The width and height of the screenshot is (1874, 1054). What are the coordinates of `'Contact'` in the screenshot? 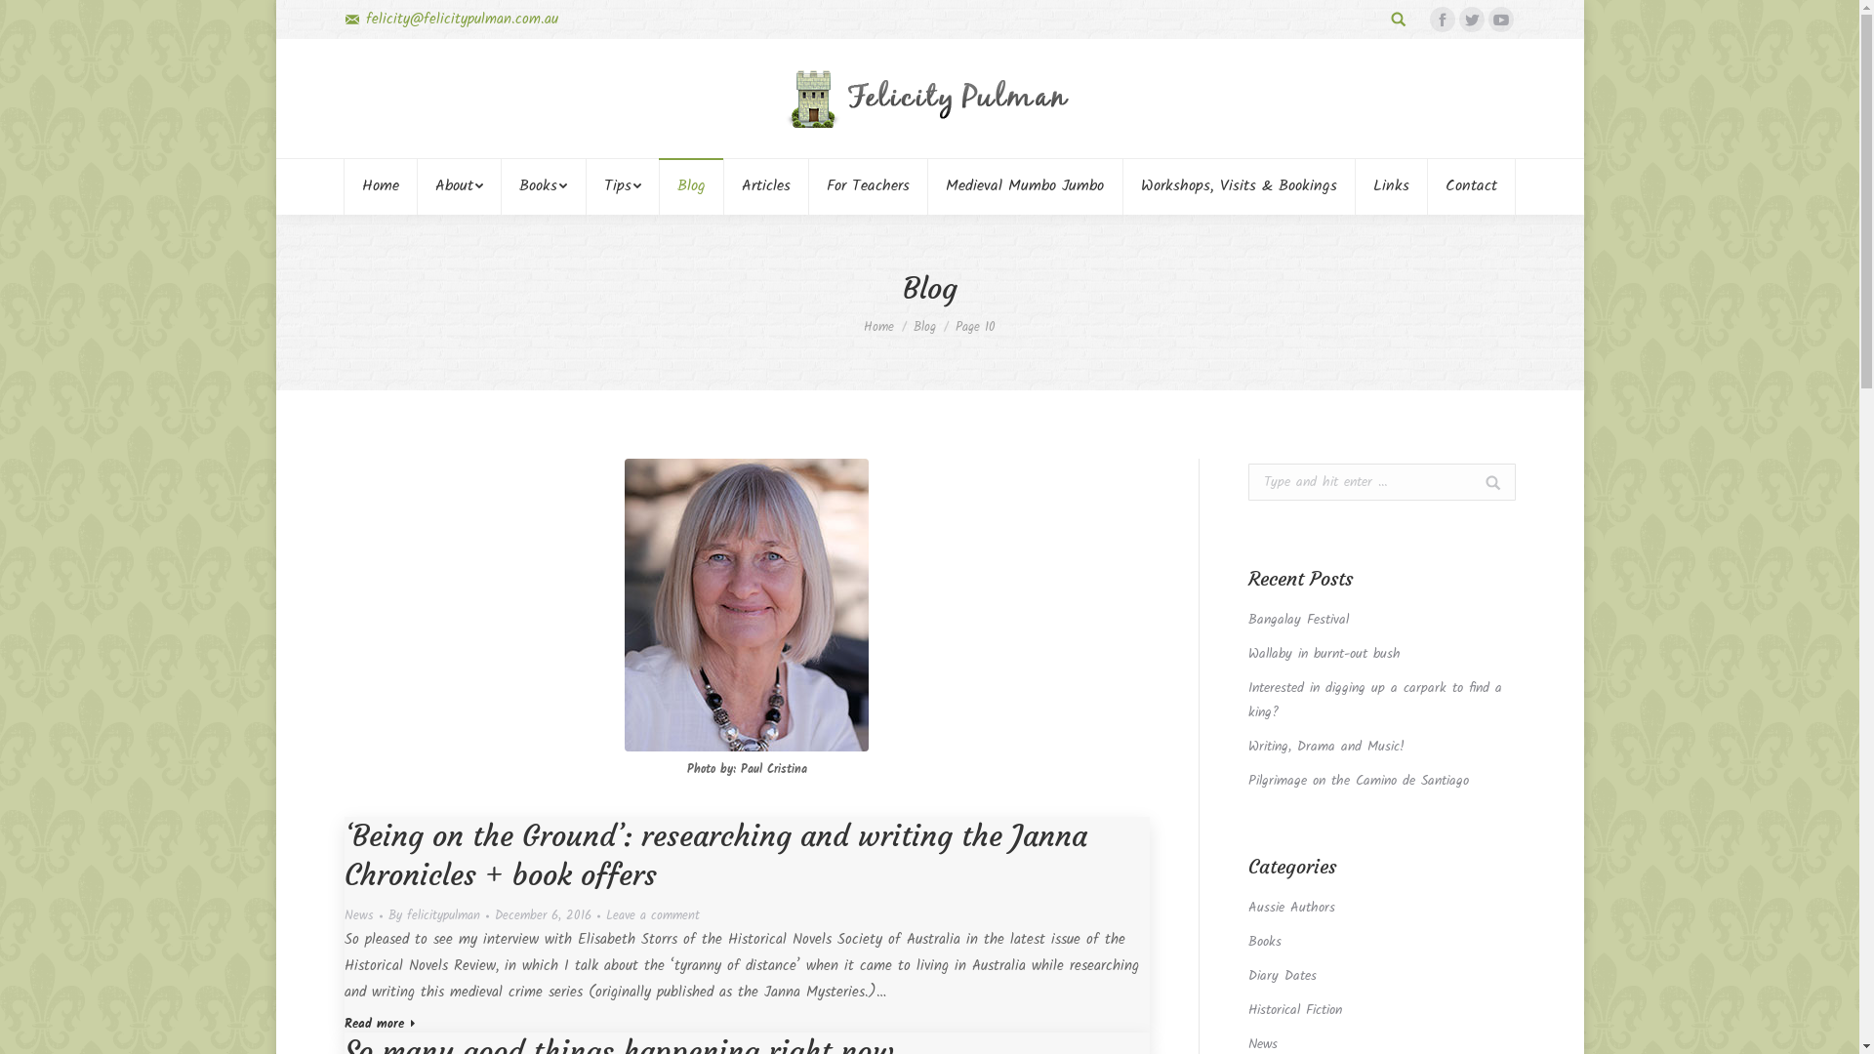 It's located at (1471, 186).